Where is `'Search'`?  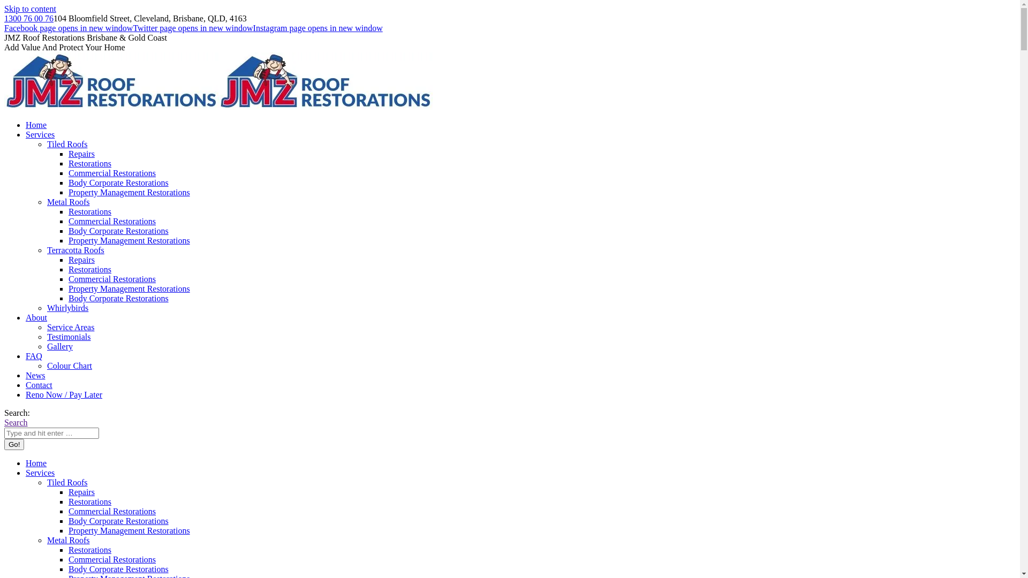 'Search' is located at coordinates (16, 422).